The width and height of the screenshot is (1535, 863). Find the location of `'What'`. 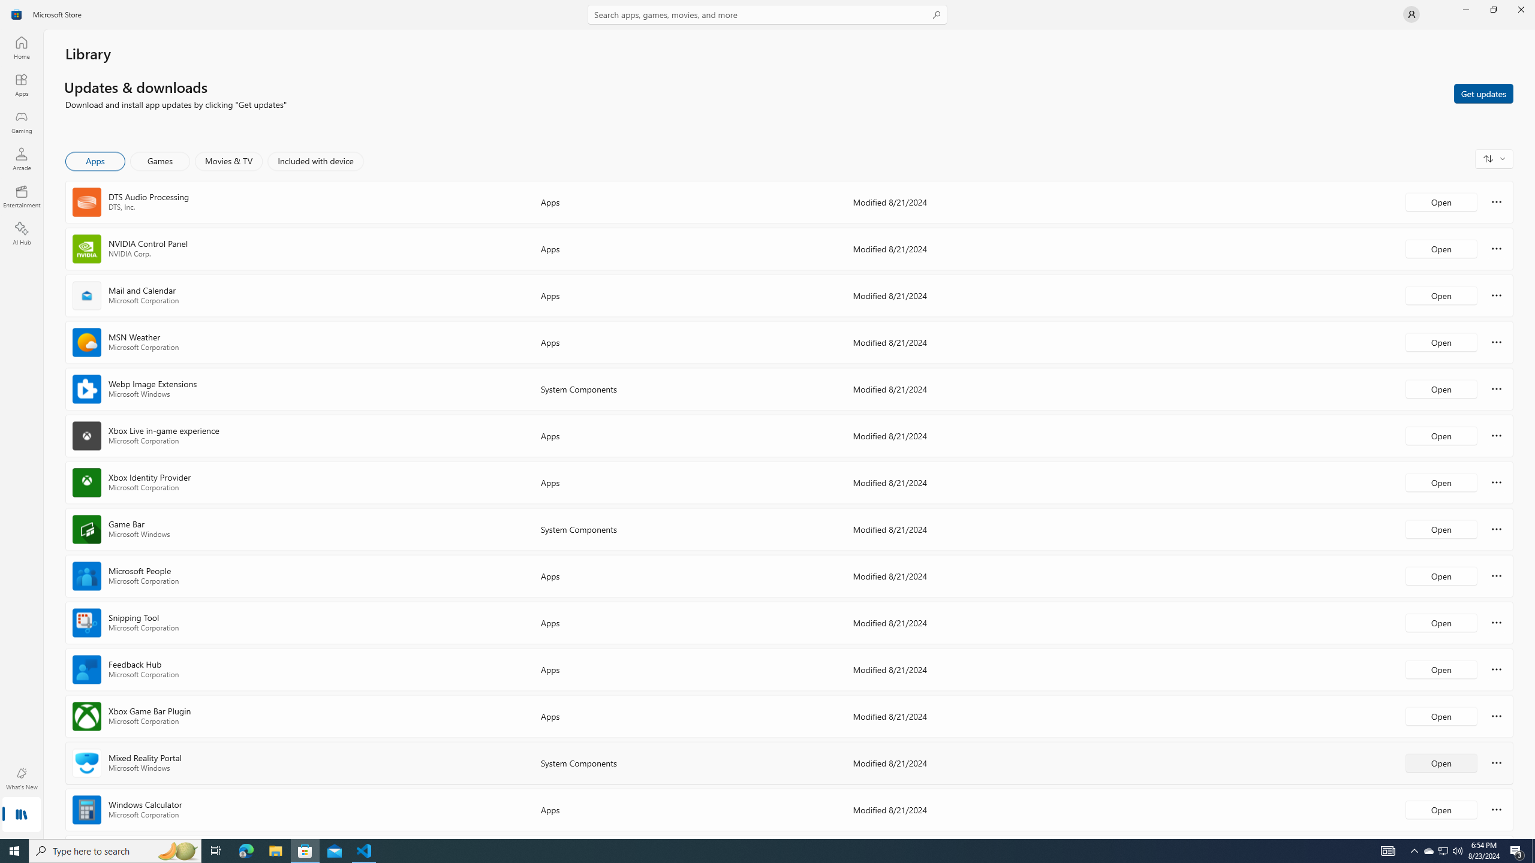

'What' is located at coordinates (20, 778).